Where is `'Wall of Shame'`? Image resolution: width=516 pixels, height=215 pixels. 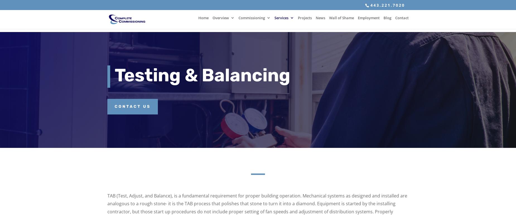 'Wall of Shame' is located at coordinates (341, 21).